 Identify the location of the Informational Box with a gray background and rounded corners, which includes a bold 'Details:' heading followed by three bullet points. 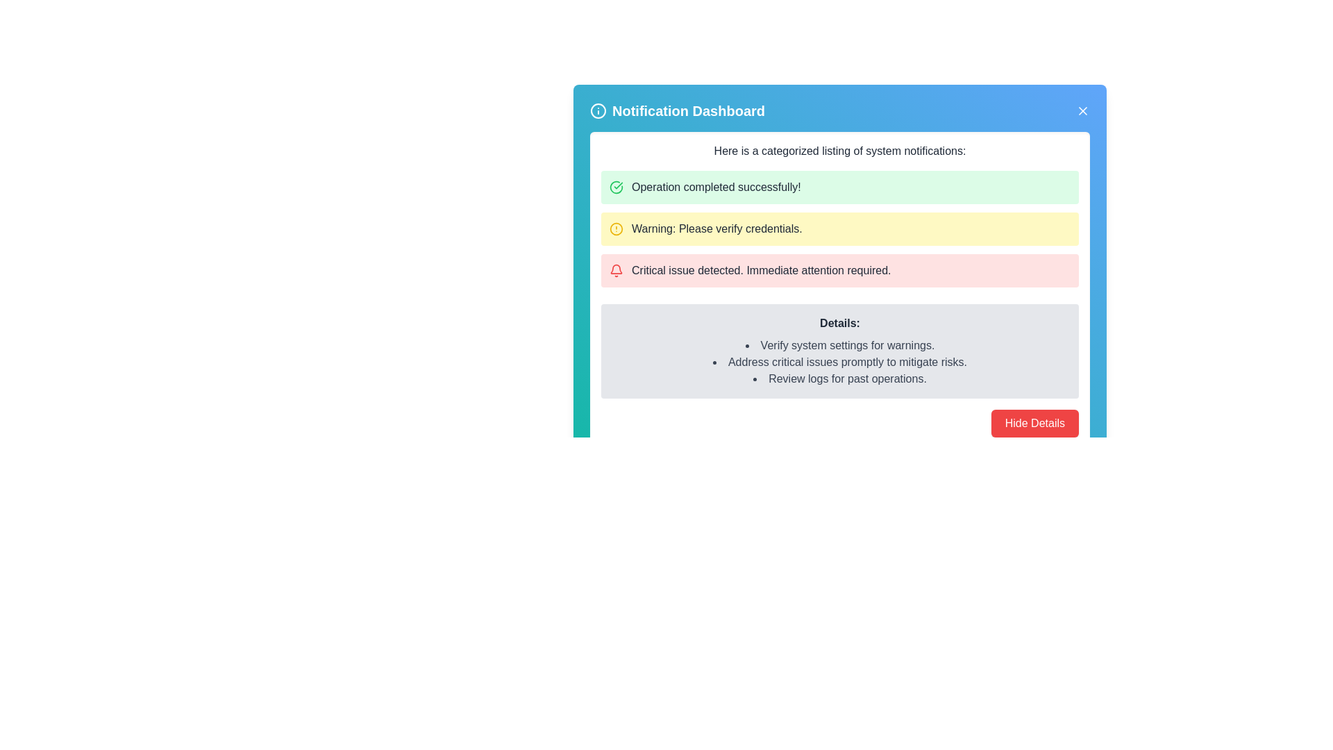
(839, 350).